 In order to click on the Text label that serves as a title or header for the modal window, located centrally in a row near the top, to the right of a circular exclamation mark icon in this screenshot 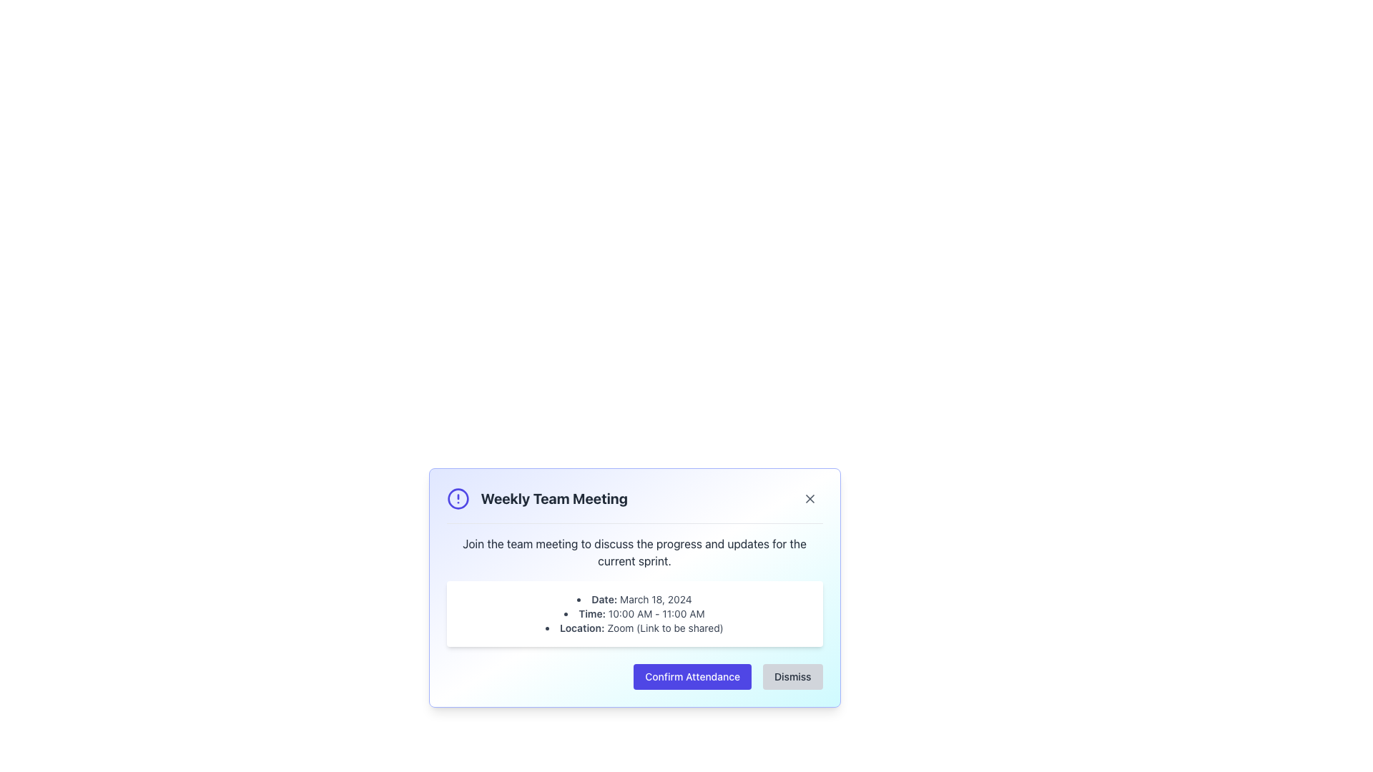, I will do `click(553, 498)`.